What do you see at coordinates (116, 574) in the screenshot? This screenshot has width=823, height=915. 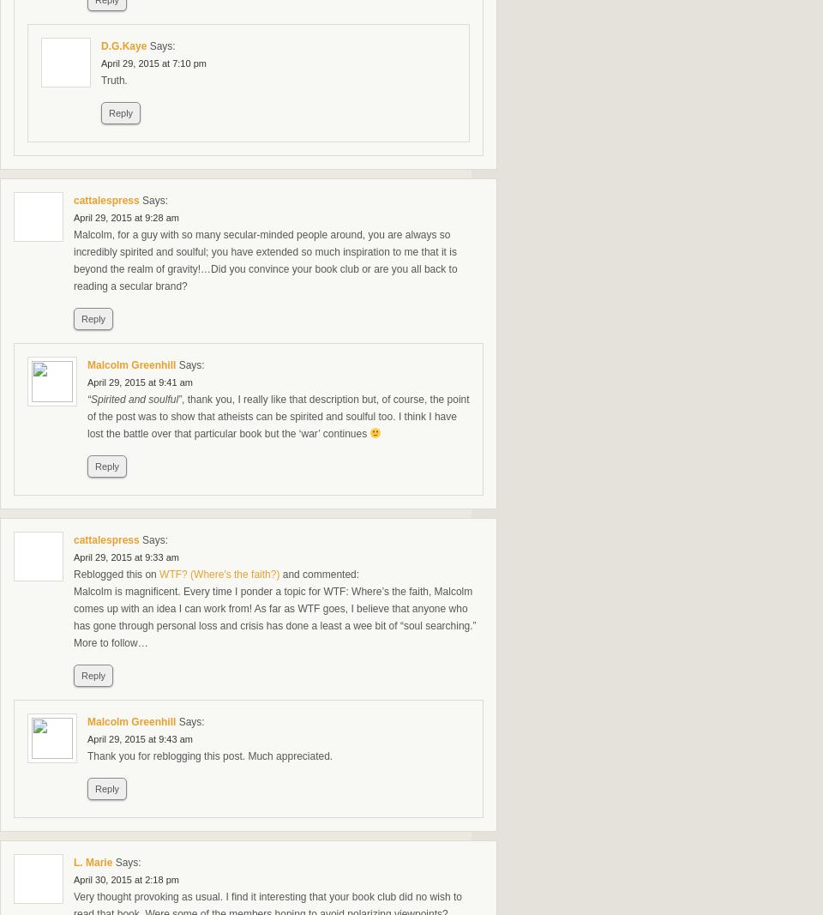 I see `'Reblogged this on'` at bounding box center [116, 574].